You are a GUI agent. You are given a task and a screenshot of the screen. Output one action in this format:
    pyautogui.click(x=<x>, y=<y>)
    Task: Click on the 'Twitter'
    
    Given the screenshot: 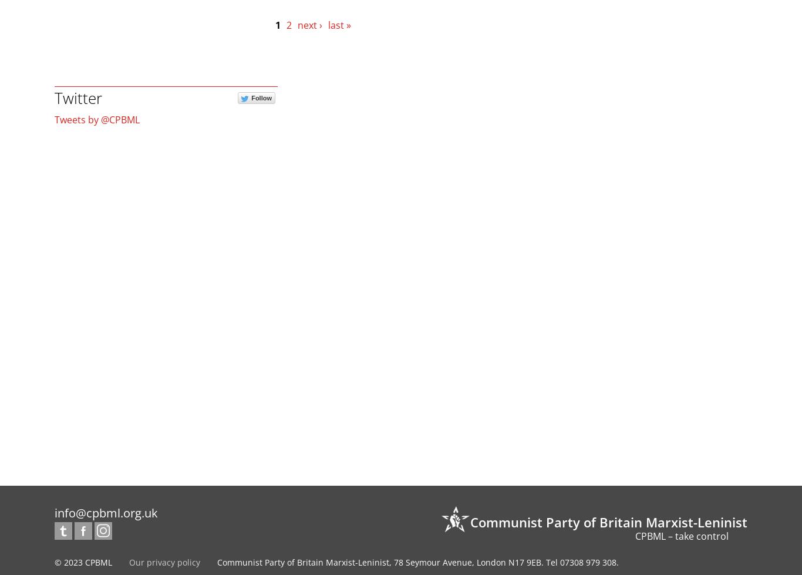 What is the action you would take?
    pyautogui.click(x=77, y=97)
    